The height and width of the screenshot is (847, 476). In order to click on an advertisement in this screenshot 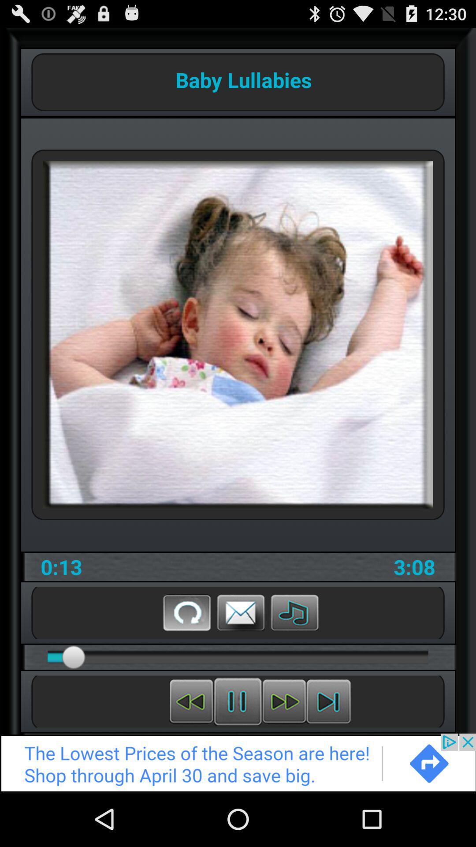, I will do `click(238, 762)`.